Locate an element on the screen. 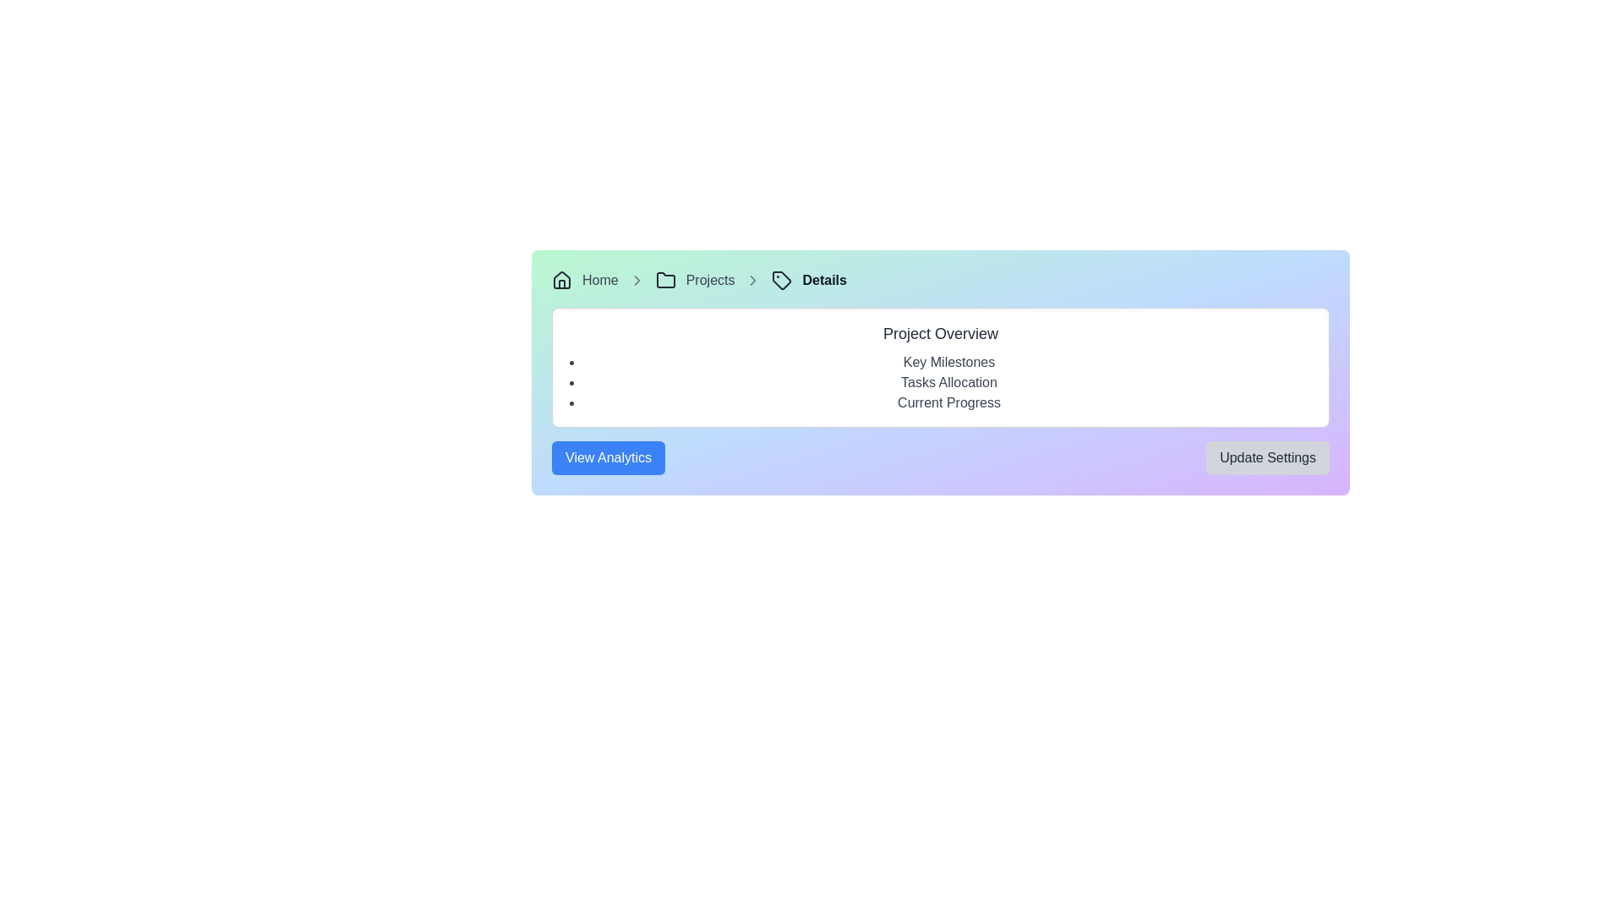 This screenshot has height=913, width=1623. the 'Home' text link located in the breadcrumb navigation is located at coordinates (600, 279).